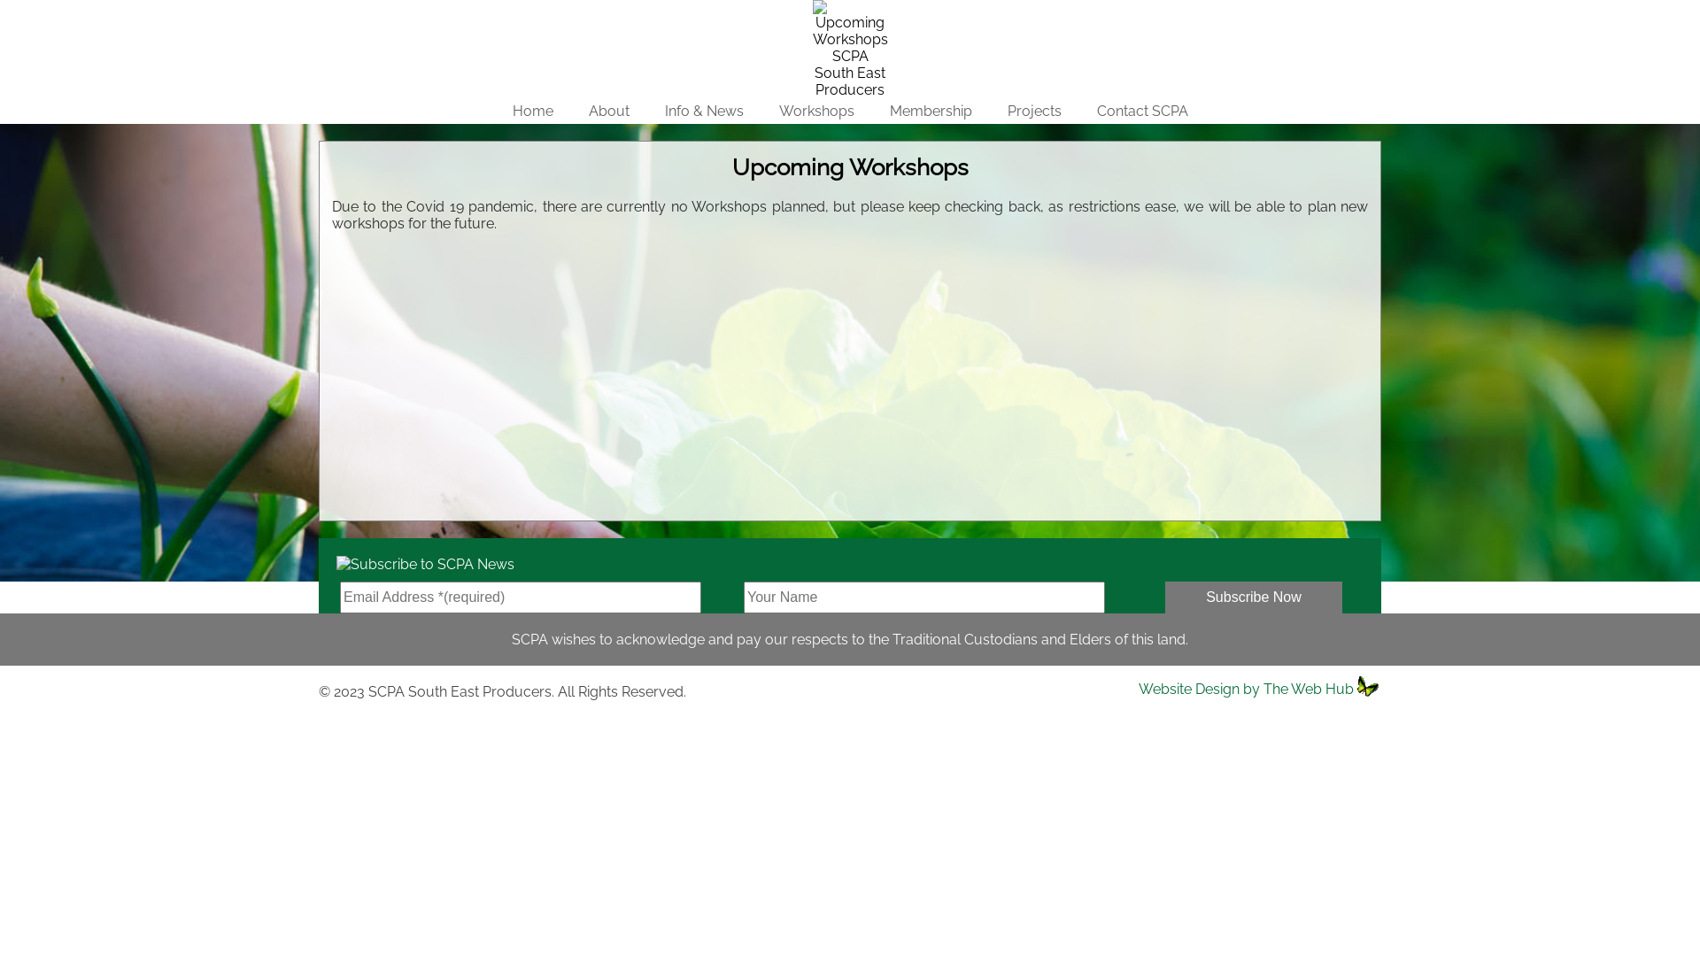 This screenshot has width=1700, height=956. Describe the element at coordinates (1141, 12) in the screenshot. I see `'Contact SCPA'` at that location.